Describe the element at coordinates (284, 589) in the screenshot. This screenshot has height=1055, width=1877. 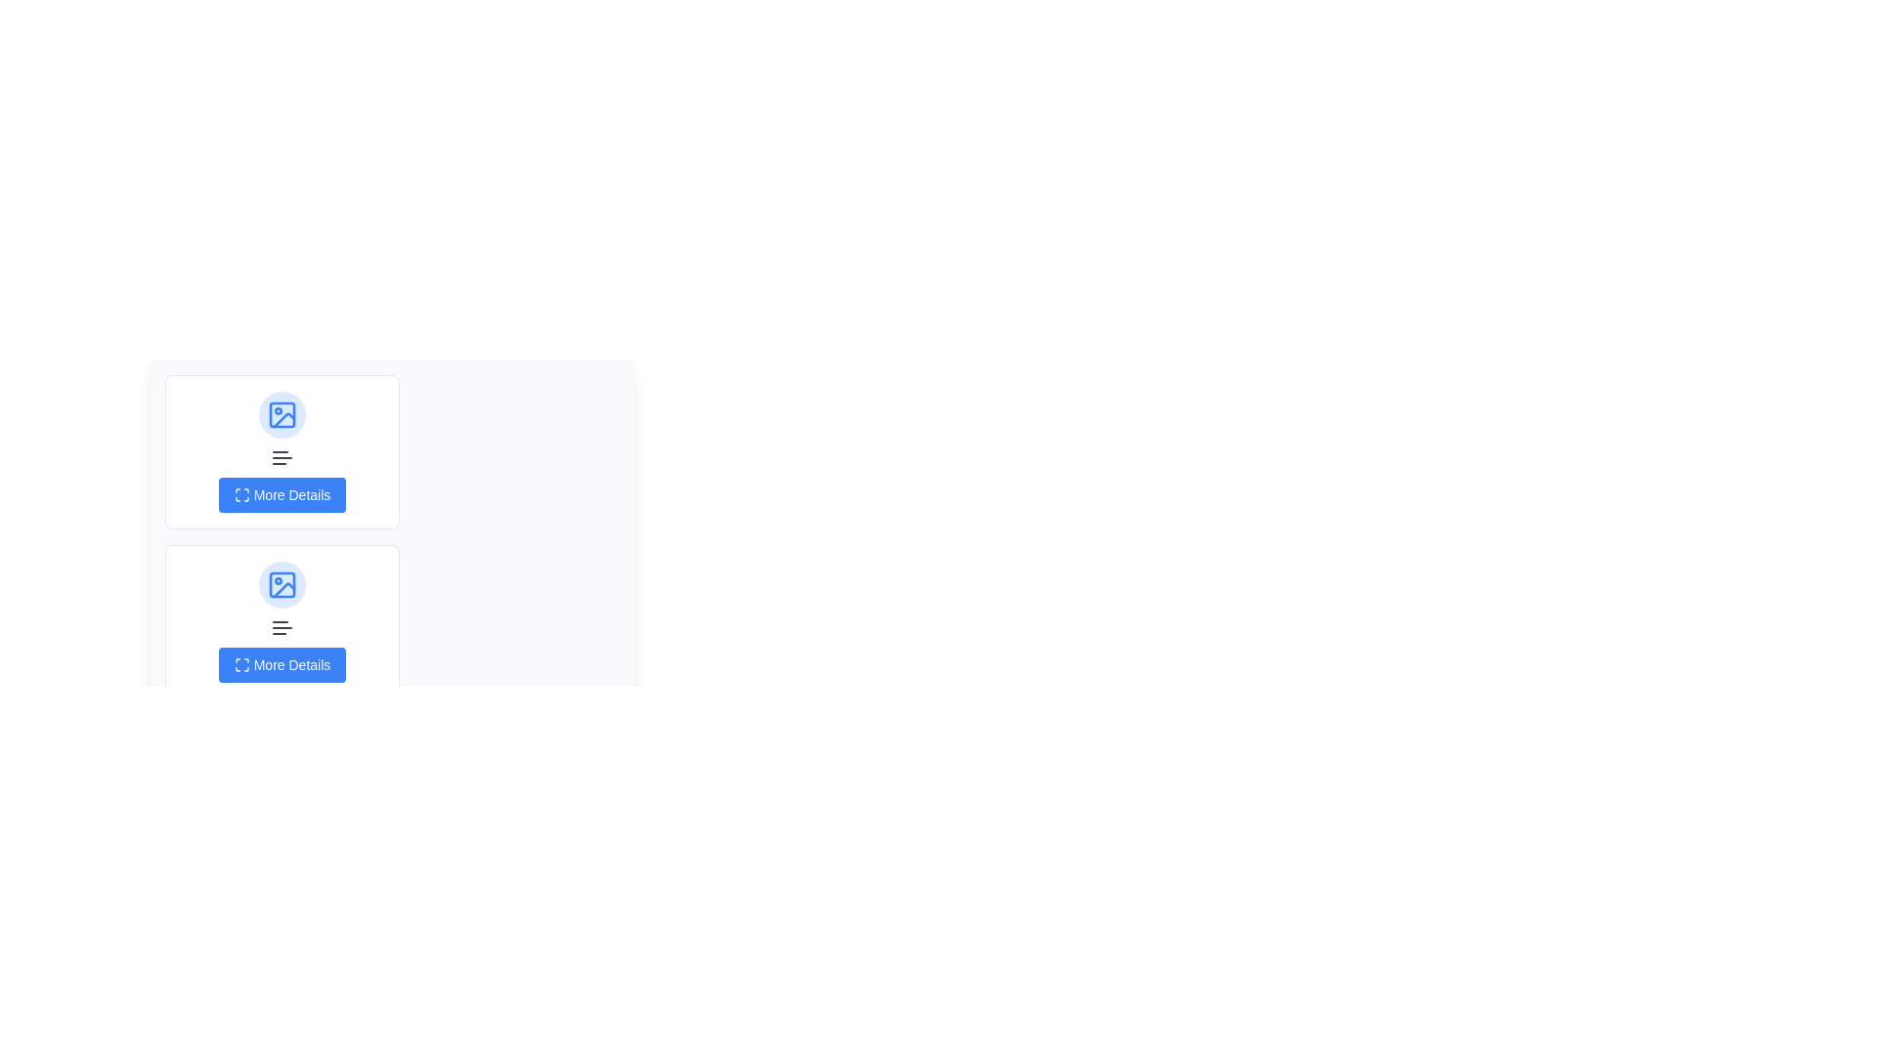
I see `the blue diagonal line element that is part of a graphical icon, located below the circular graphical icon in the bottom icon of the second card on the right-hand side` at that location.